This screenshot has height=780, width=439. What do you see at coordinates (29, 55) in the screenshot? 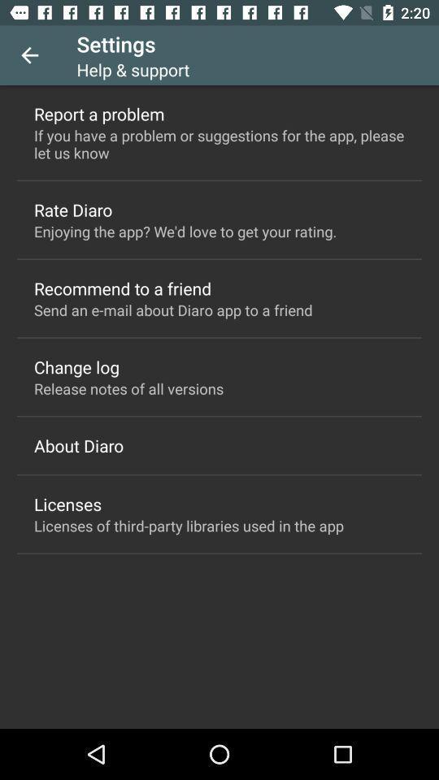
I see `item to the left of settings item` at bounding box center [29, 55].